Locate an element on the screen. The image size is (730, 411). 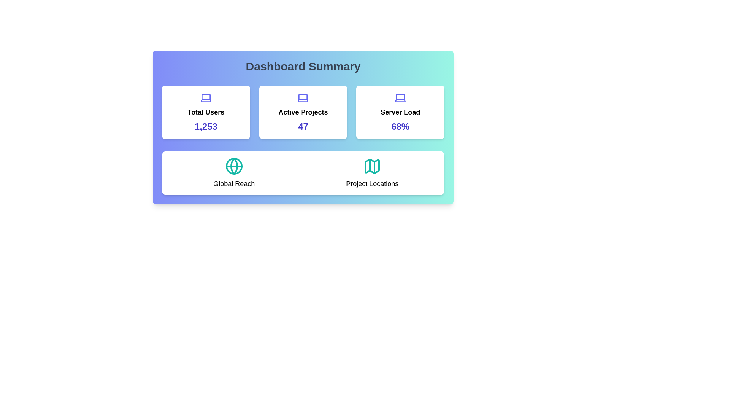
the minimalist laptop icon located in the 'Active Projects' card, positioned above the number '47', if it is interactive is located at coordinates (303, 97).